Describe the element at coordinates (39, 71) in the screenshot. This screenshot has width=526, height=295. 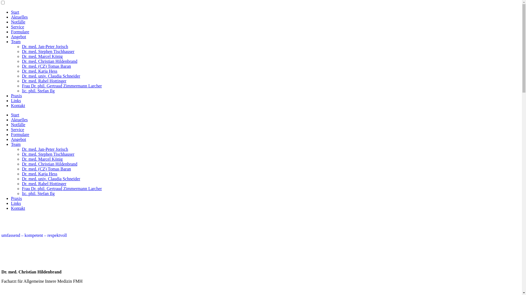
I see `'Dr. med. Katja Hess'` at that location.